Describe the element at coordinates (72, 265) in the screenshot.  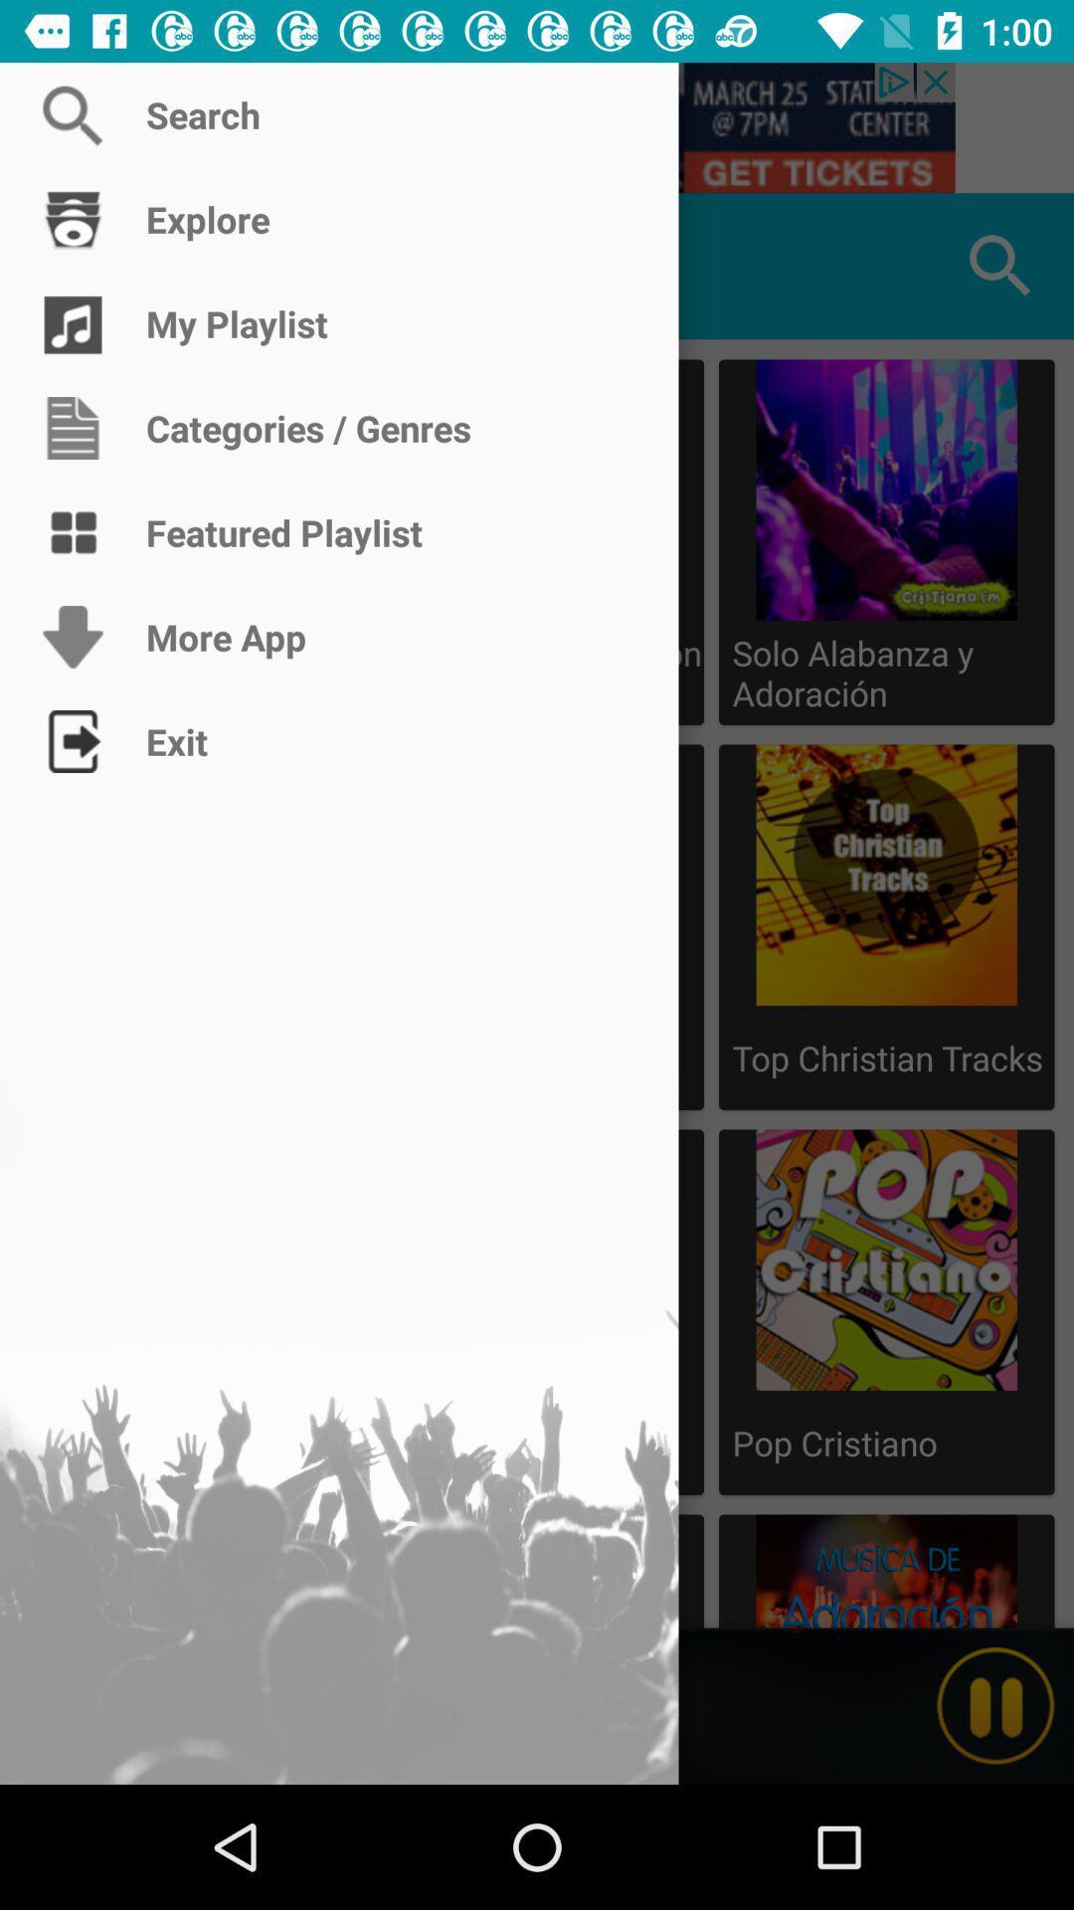
I see `explore songs` at that location.